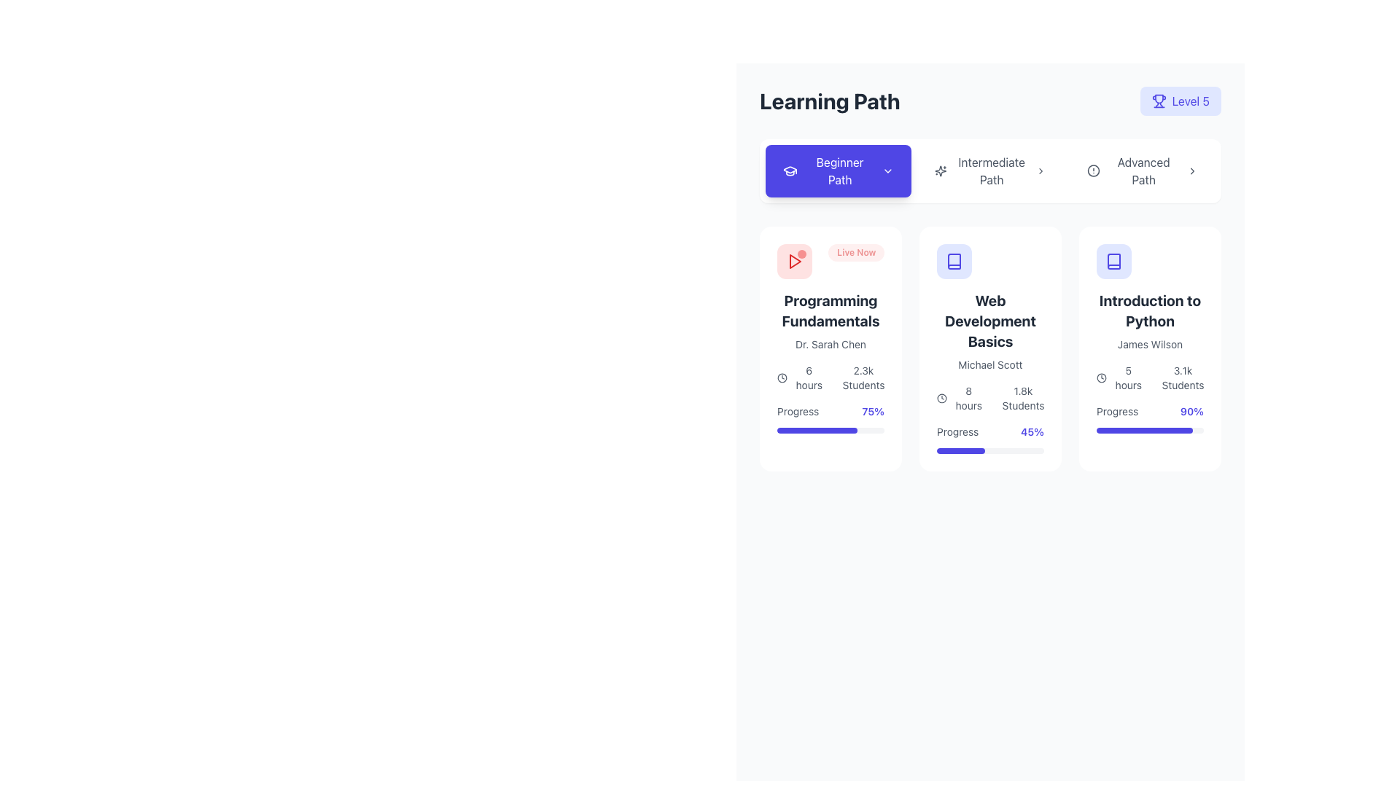 This screenshot has width=1400, height=787. I want to click on the SVG circle element, which is centered within a clock icon to the left of the text '8 hours' in the card labeled 'Web Development Basics', so click(782, 377).